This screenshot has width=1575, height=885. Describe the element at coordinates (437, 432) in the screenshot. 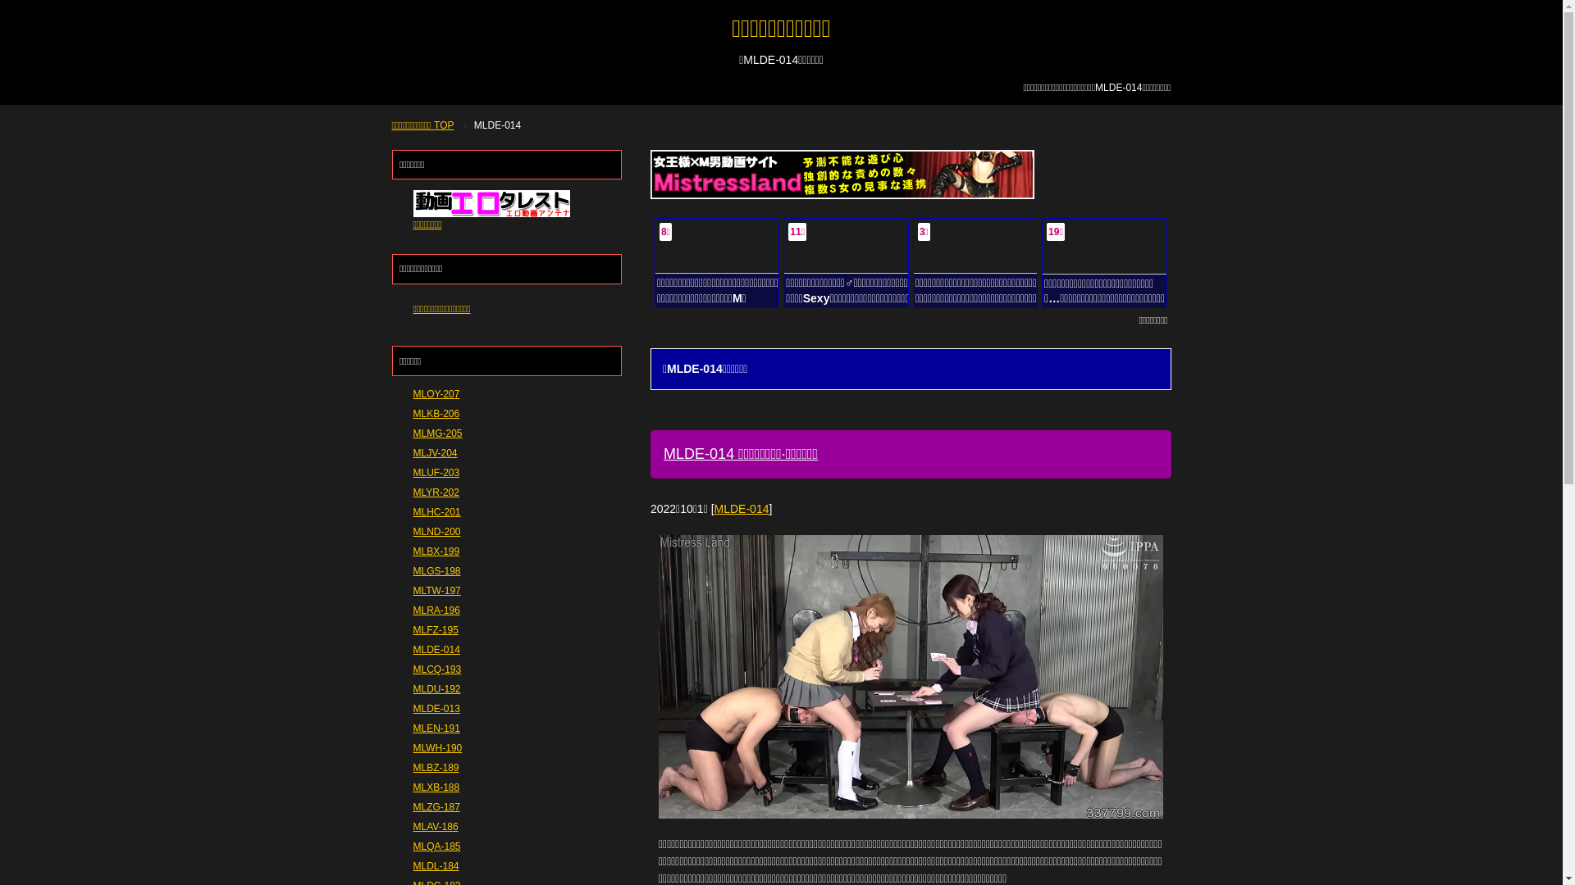

I see `'MLMG-205'` at that location.